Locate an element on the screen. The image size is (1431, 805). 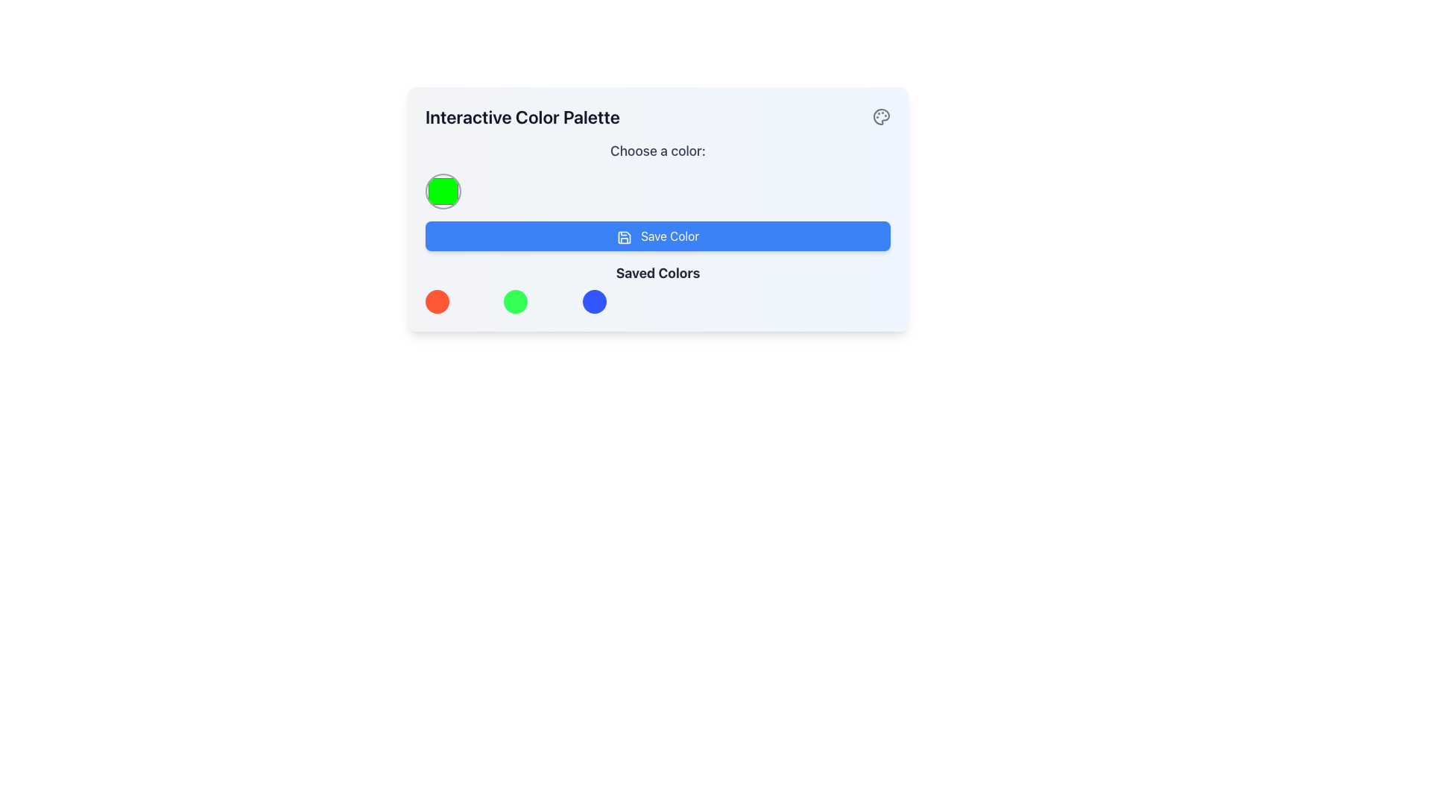
the save icon located to the left of the text label within the 'Save Color' button, which serves as a visual indicator for the save functionality is located at coordinates (624, 236).